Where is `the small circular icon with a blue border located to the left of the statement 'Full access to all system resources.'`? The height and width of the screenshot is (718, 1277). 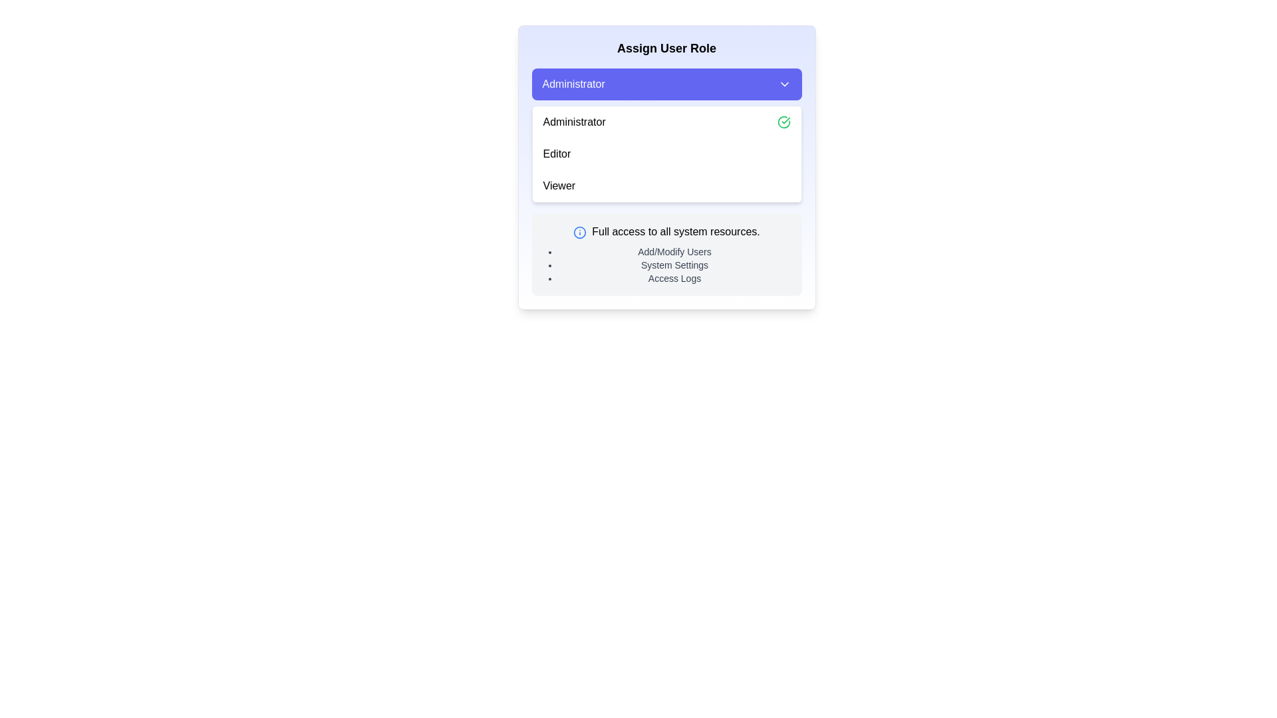
the small circular icon with a blue border located to the left of the statement 'Full access to all system resources.' is located at coordinates (580, 231).